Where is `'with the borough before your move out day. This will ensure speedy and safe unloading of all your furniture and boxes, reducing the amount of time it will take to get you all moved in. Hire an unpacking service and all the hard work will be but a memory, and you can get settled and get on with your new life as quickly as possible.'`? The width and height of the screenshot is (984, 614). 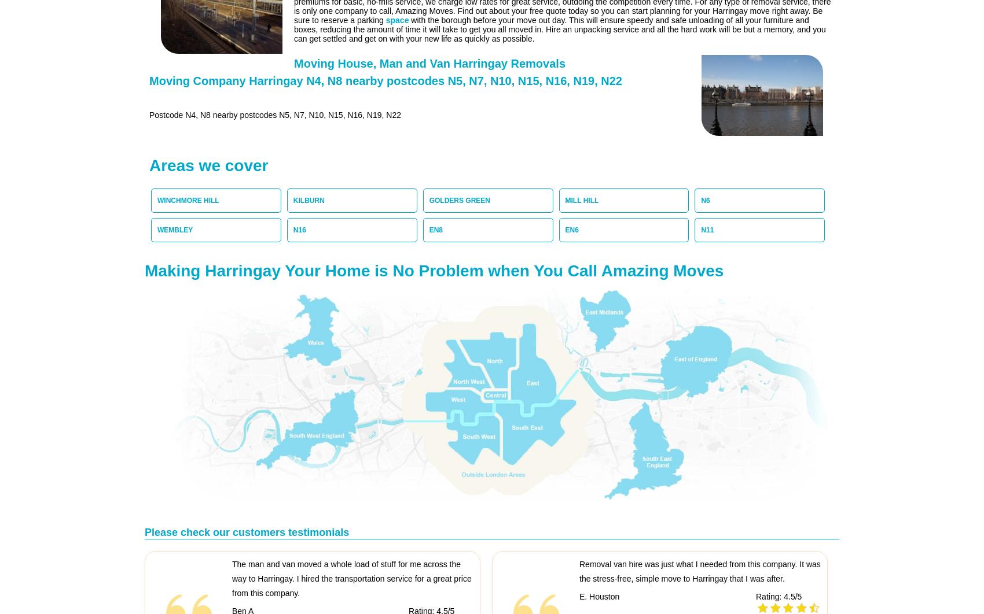 'with the borough before your move out day. This will ensure speedy and safe unloading of all your furniture and boxes, reducing the amount of time it will take to get you all moved in. Hire an unpacking service and all the hard work will be but a memory, and you can get settled and get on with your new life as quickly as possible.' is located at coordinates (559, 29).